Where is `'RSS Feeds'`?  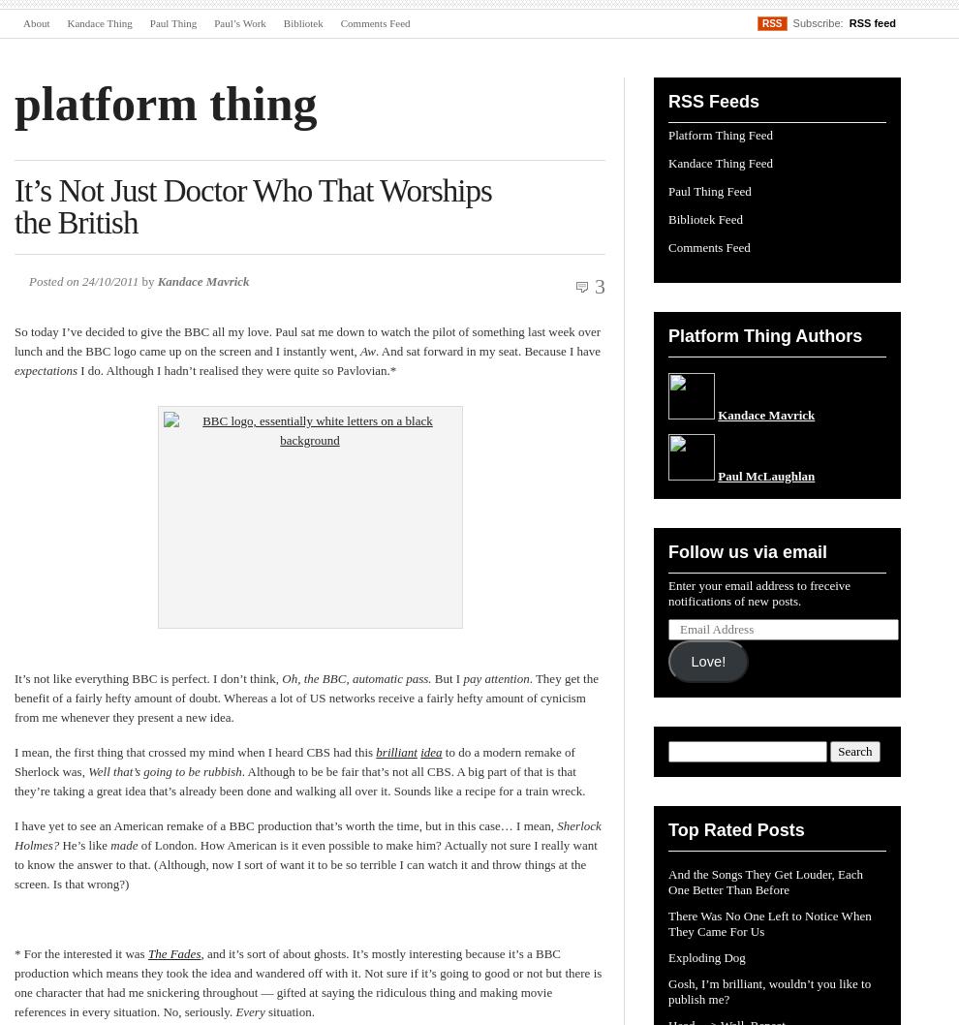
'RSS Feeds' is located at coordinates (712, 100).